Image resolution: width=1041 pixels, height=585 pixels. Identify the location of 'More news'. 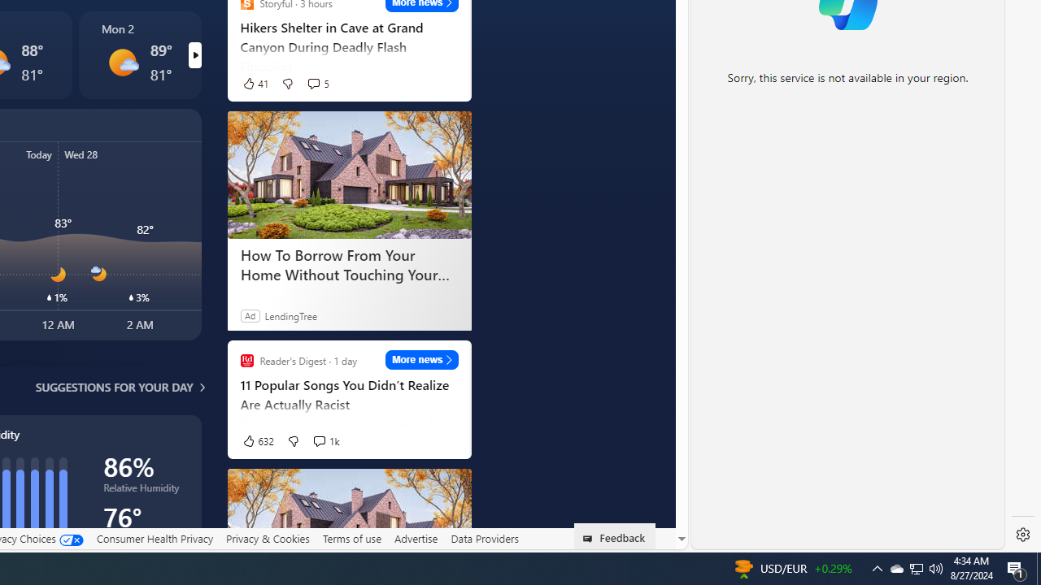
(422, 359).